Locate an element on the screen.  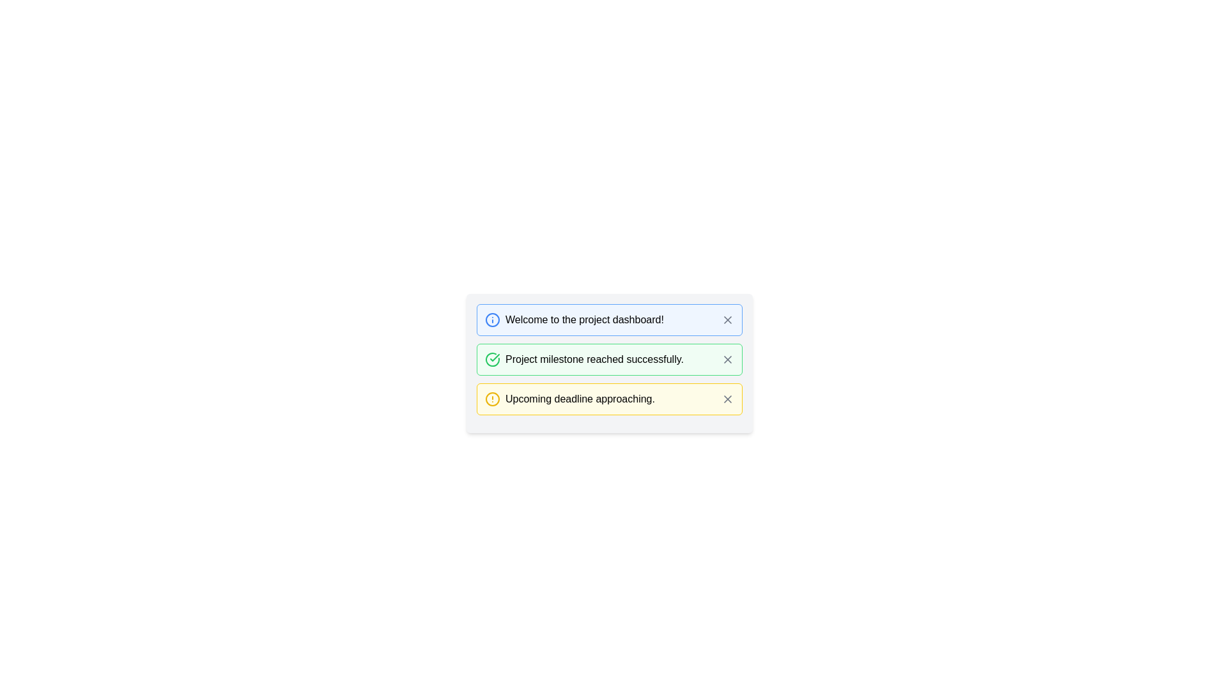
the text label that reads 'Project milestone reached successfully.' which is inside a green-highlighted rectangular box, positioned below a blue alert message and above a yellow alert message is located at coordinates (583, 360).